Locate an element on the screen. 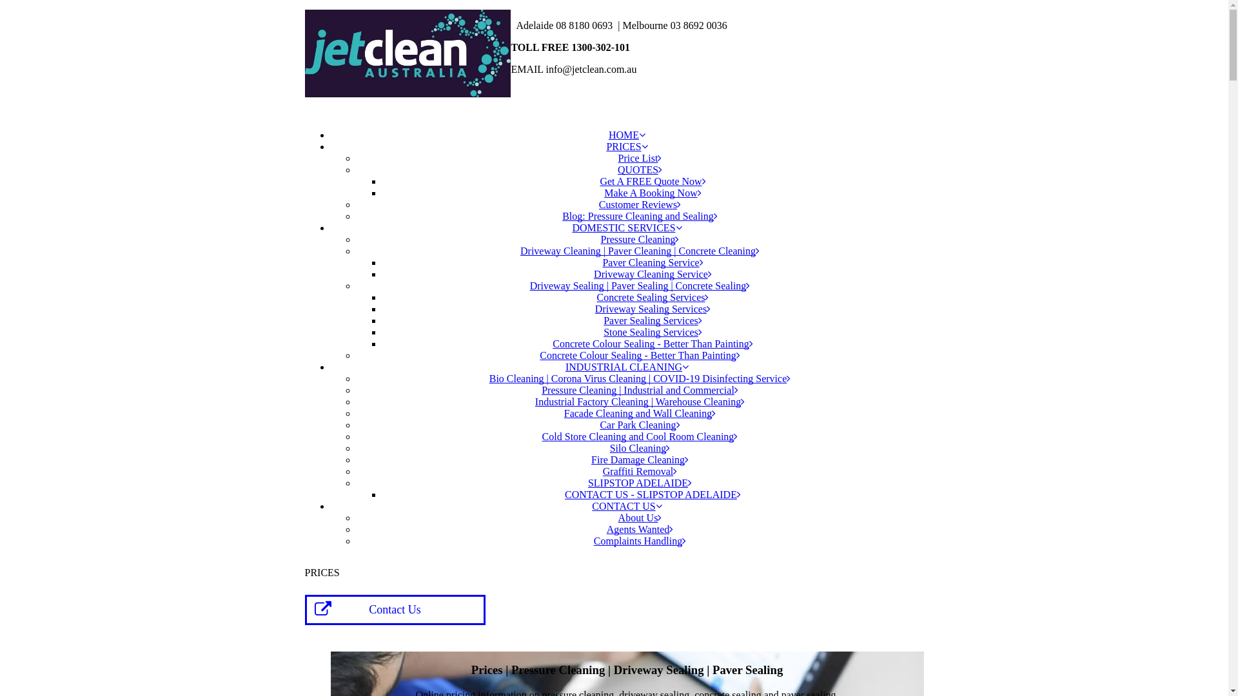 This screenshot has width=1238, height=696. 'Make A Booking Now' is located at coordinates (653, 193).